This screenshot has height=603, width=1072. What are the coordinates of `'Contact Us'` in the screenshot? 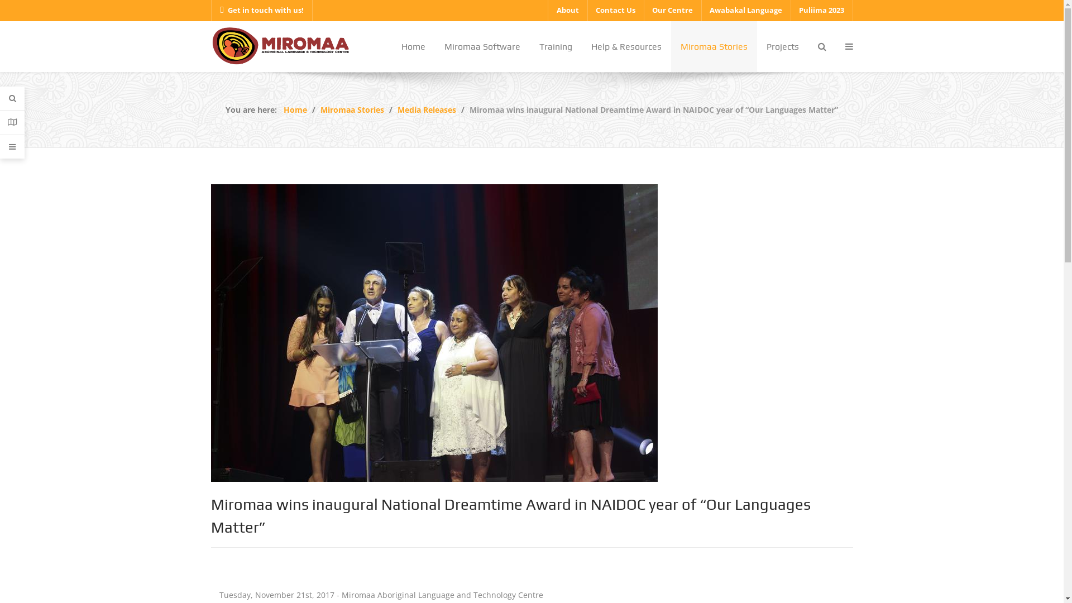 It's located at (615, 11).